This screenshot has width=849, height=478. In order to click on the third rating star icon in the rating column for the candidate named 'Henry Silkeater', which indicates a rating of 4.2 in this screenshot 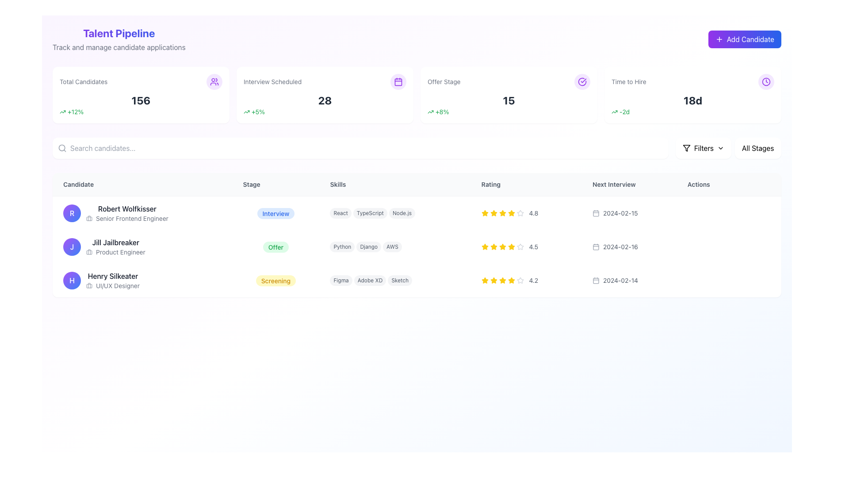, I will do `click(493, 280)`.